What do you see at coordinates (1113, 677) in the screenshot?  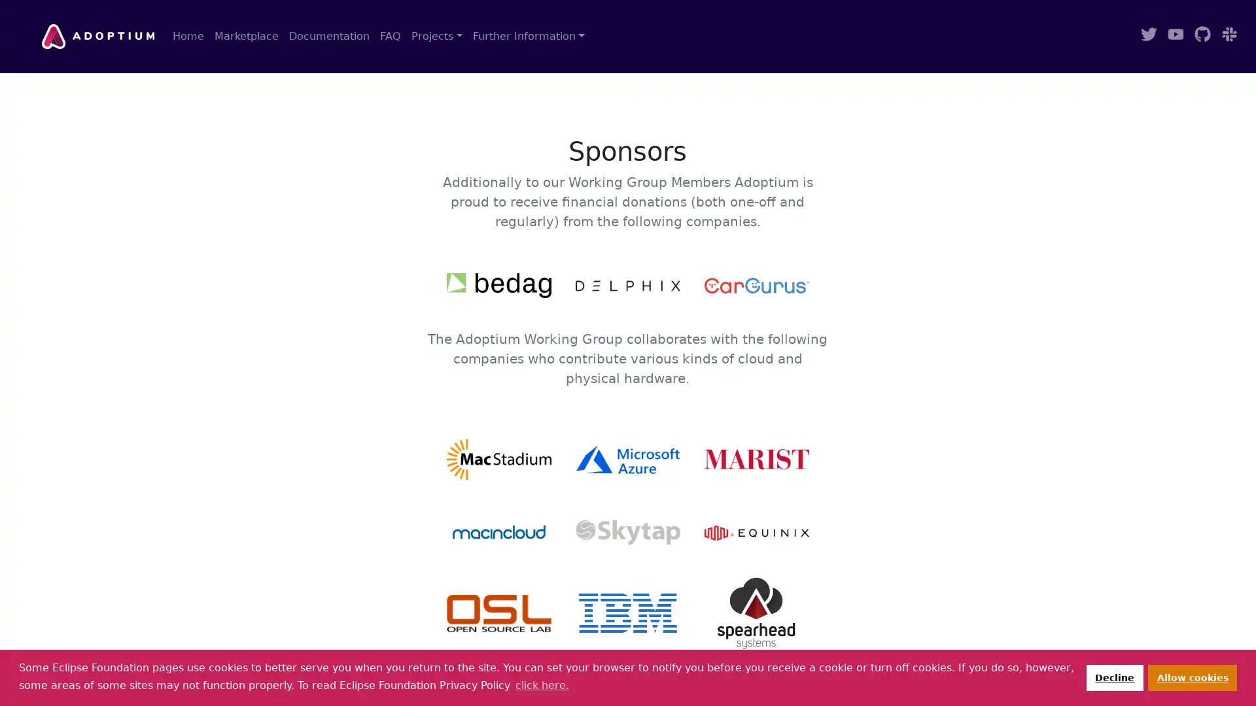 I see `deny cookies` at bounding box center [1113, 677].